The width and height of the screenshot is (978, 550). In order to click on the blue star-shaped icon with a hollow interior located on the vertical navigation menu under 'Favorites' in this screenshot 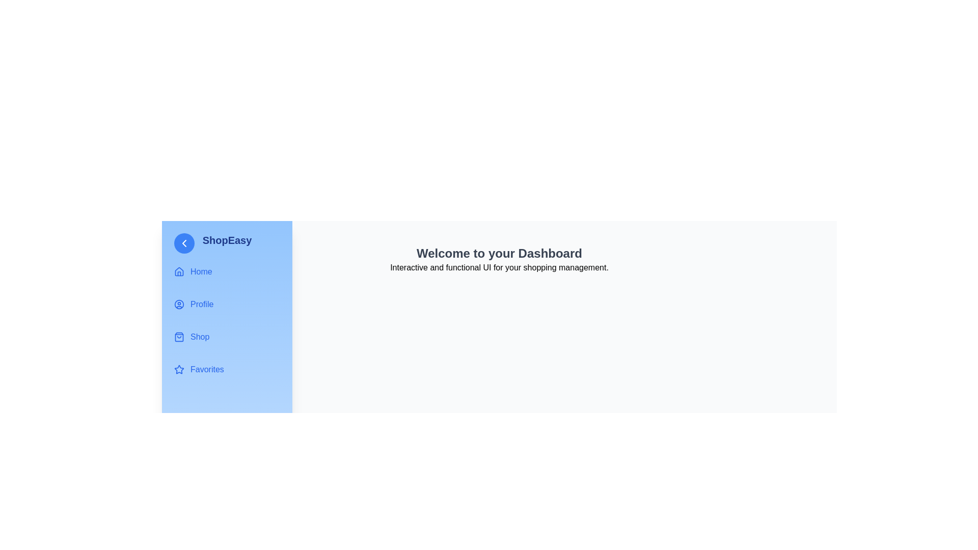, I will do `click(179, 369)`.